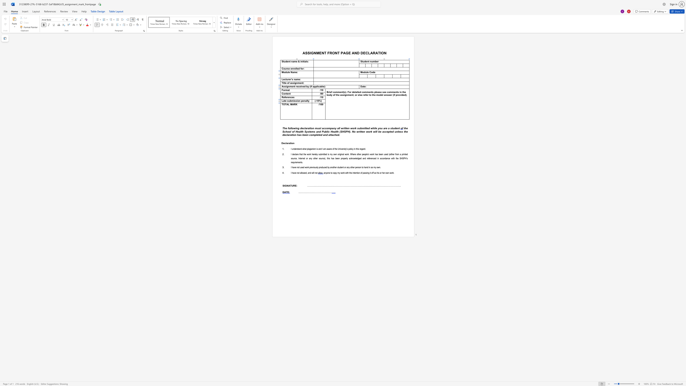  I want to click on the space between the continuous character "f" and "o" in the text, so click(289, 128).